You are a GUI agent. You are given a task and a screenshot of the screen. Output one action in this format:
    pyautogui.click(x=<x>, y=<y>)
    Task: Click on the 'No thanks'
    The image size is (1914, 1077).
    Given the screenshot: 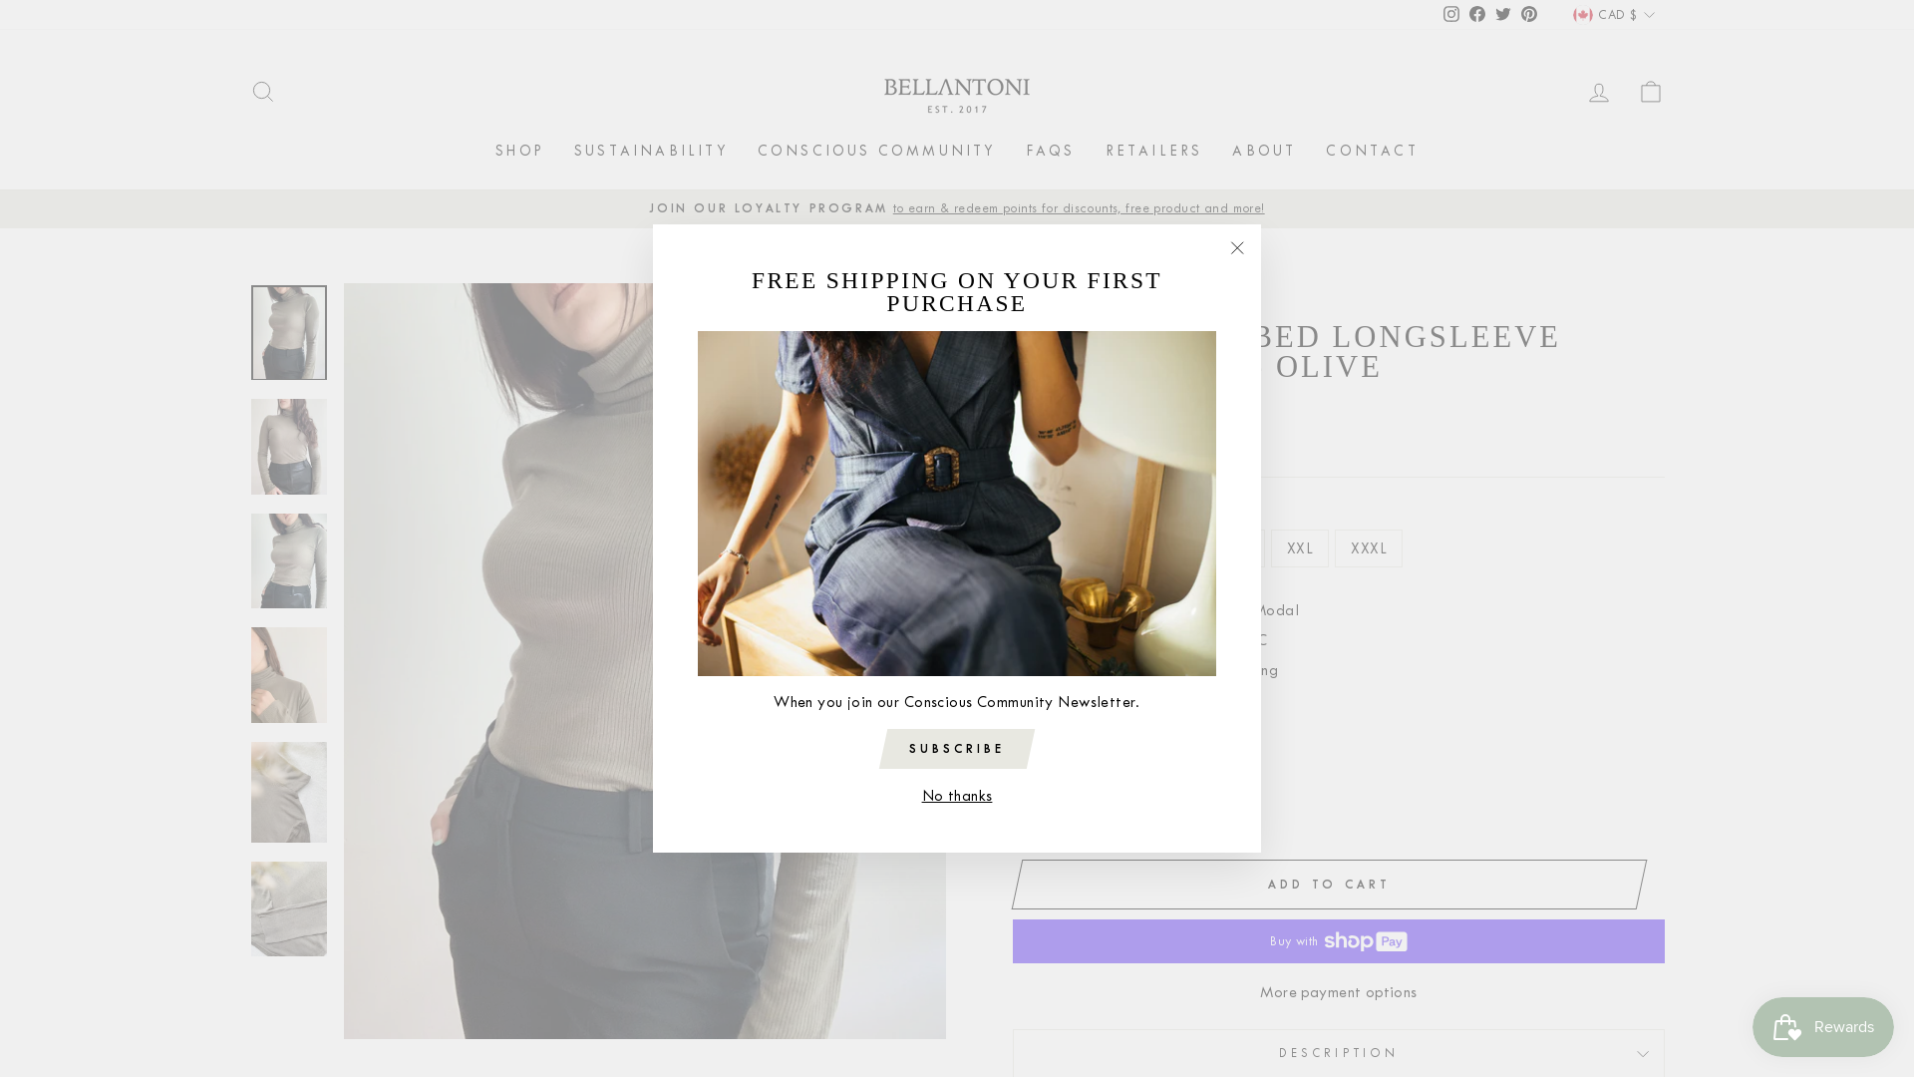 What is the action you would take?
    pyautogui.click(x=957, y=795)
    